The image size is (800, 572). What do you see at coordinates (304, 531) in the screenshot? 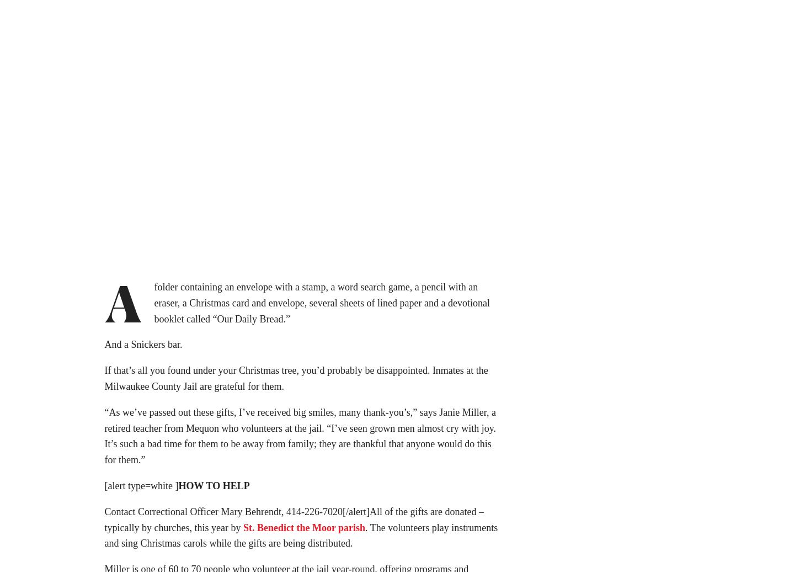
I see `'St. Benedict the Moor parish'` at bounding box center [304, 531].